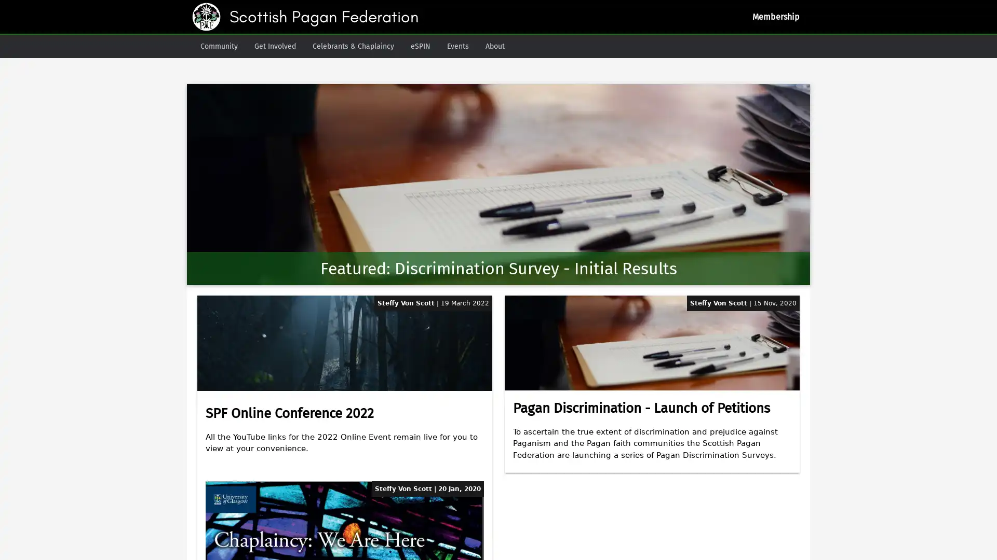  What do you see at coordinates (219, 46) in the screenshot?
I see `Community` at bounding box center [219, 46].